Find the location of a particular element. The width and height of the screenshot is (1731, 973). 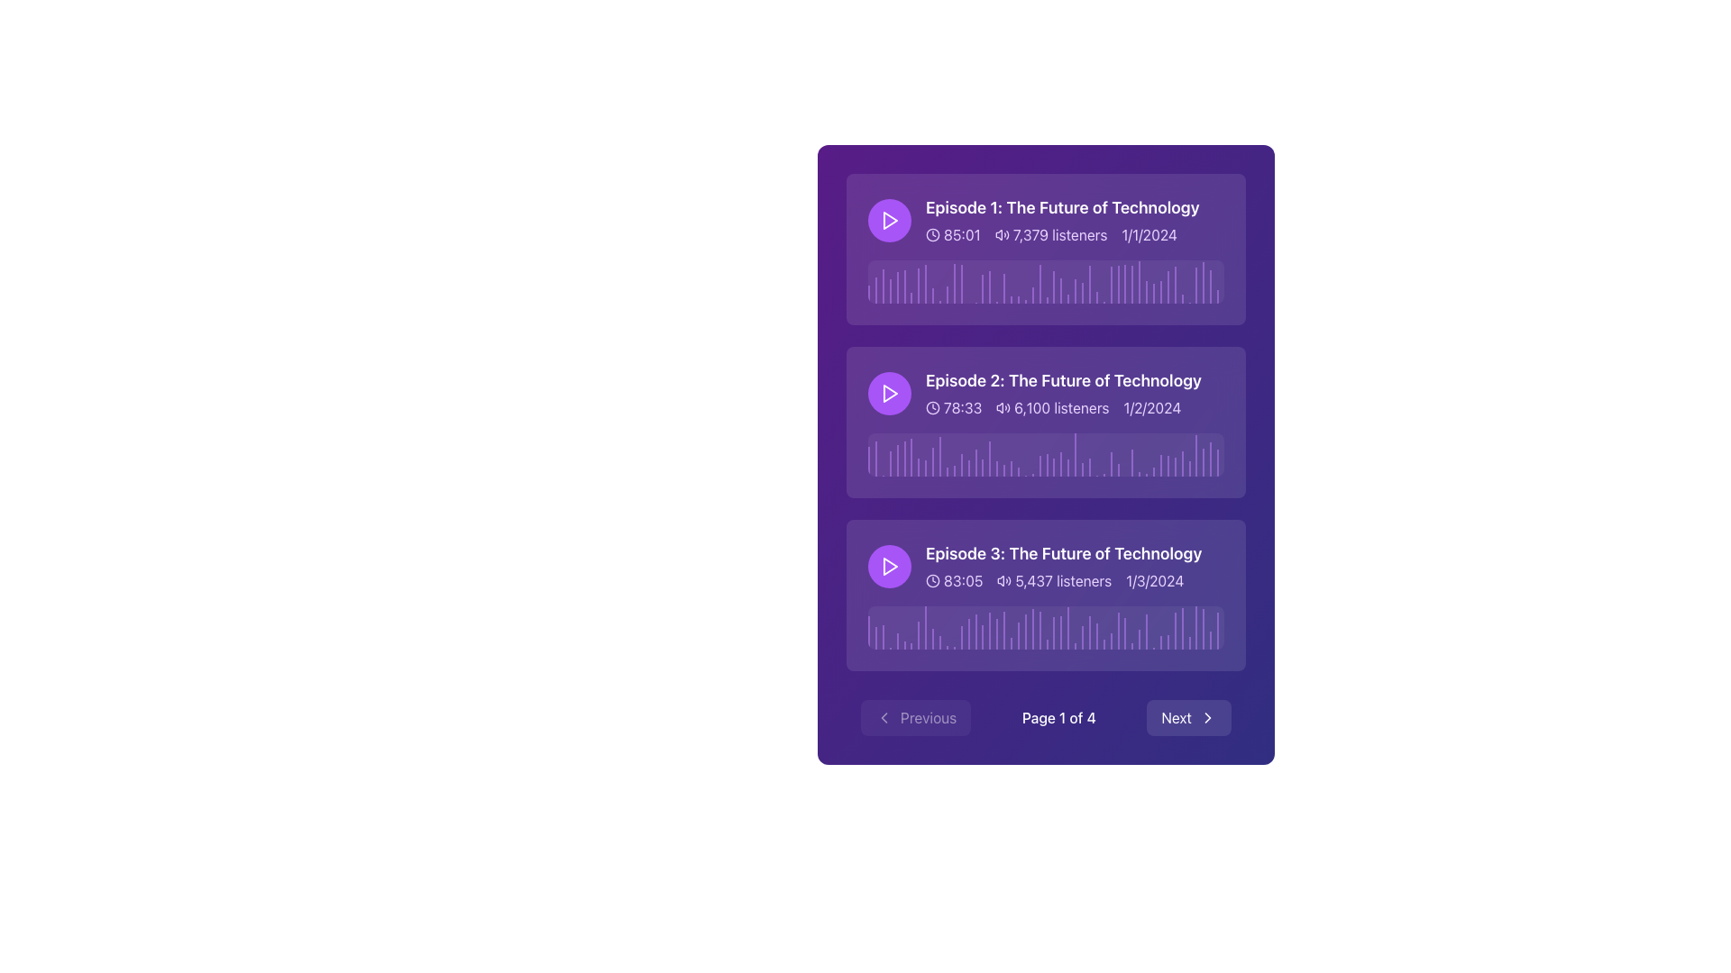

the Progress Indicator Bar, which is the fourteenth bar in the middle of the progress indicator within the second content block of a vertical list of three blocks is located at coordinates (996, 468).